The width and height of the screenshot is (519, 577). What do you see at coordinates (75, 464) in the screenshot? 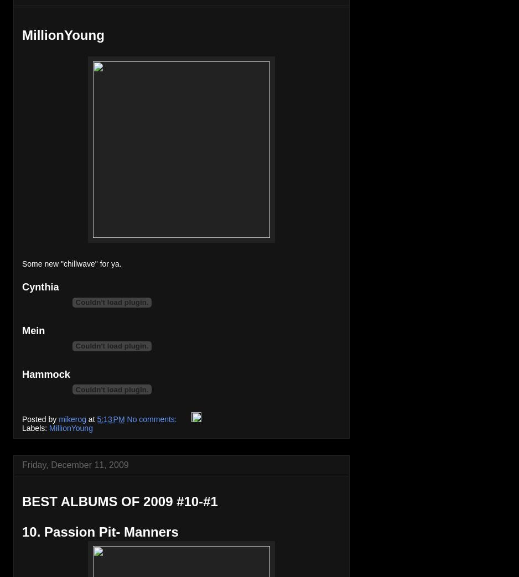
I see `'Friday, December 11, 2009'` at bounding box center [75, 464].